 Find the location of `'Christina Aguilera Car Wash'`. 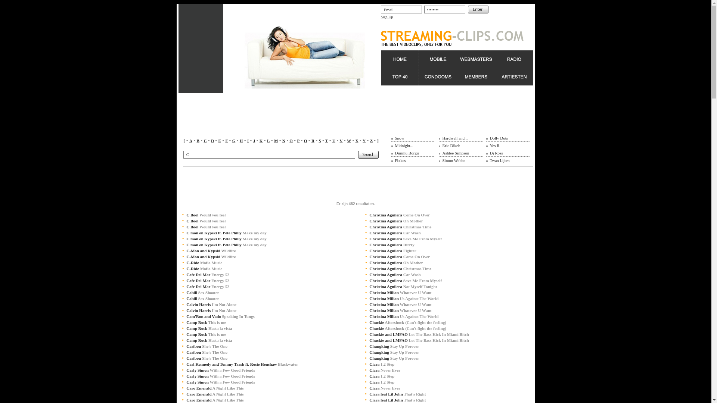

'Christina Aguilera Car Wash' is located at coordinates (394, 232).